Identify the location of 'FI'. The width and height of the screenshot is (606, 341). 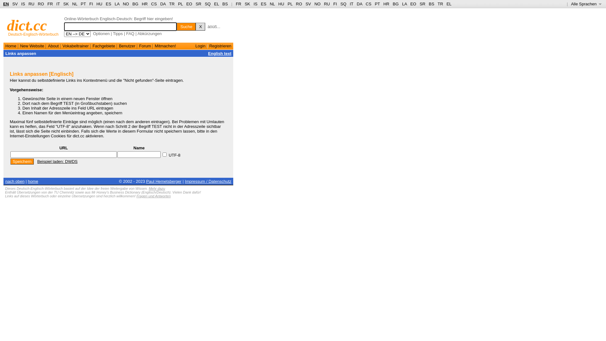
(335, 4).